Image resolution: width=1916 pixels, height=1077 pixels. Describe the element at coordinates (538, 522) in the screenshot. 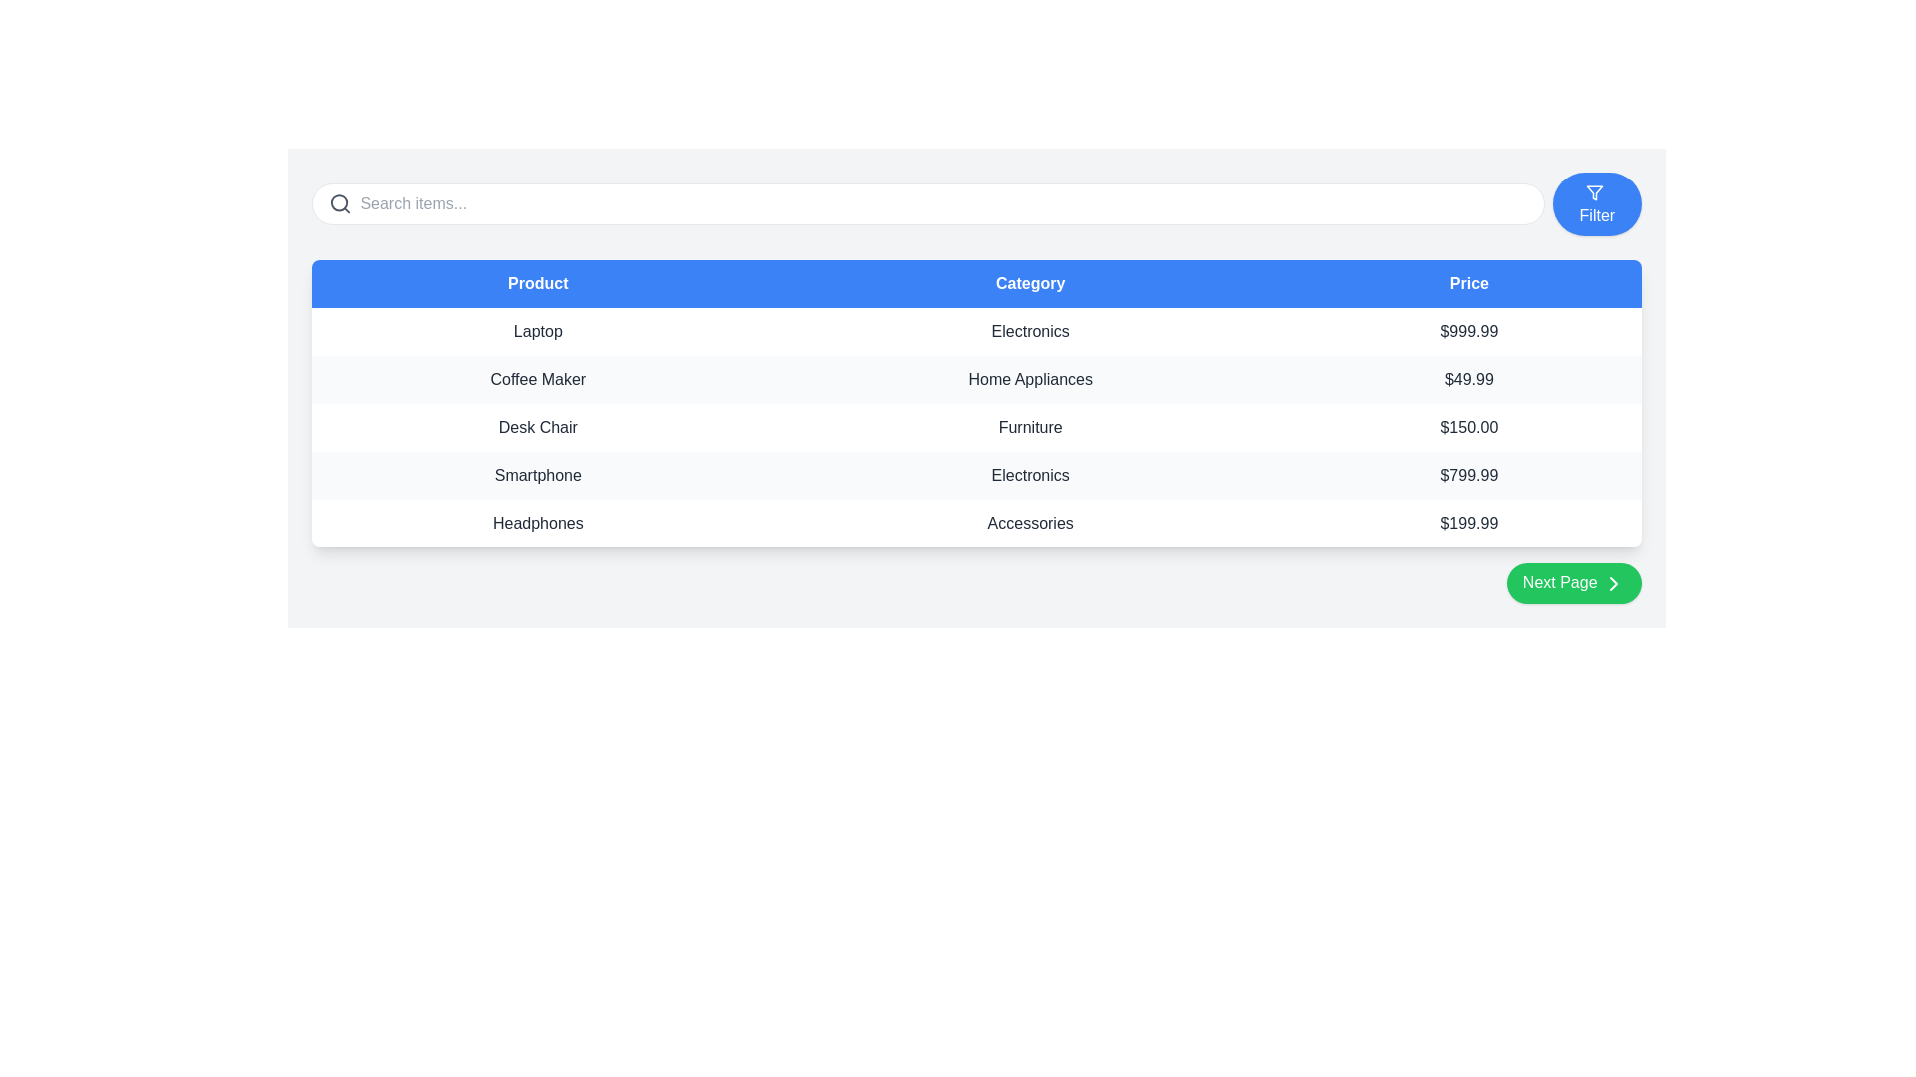

I see `the text label identifying the product name in the fifth row of the table within the first column titled 'Product'` at that location.